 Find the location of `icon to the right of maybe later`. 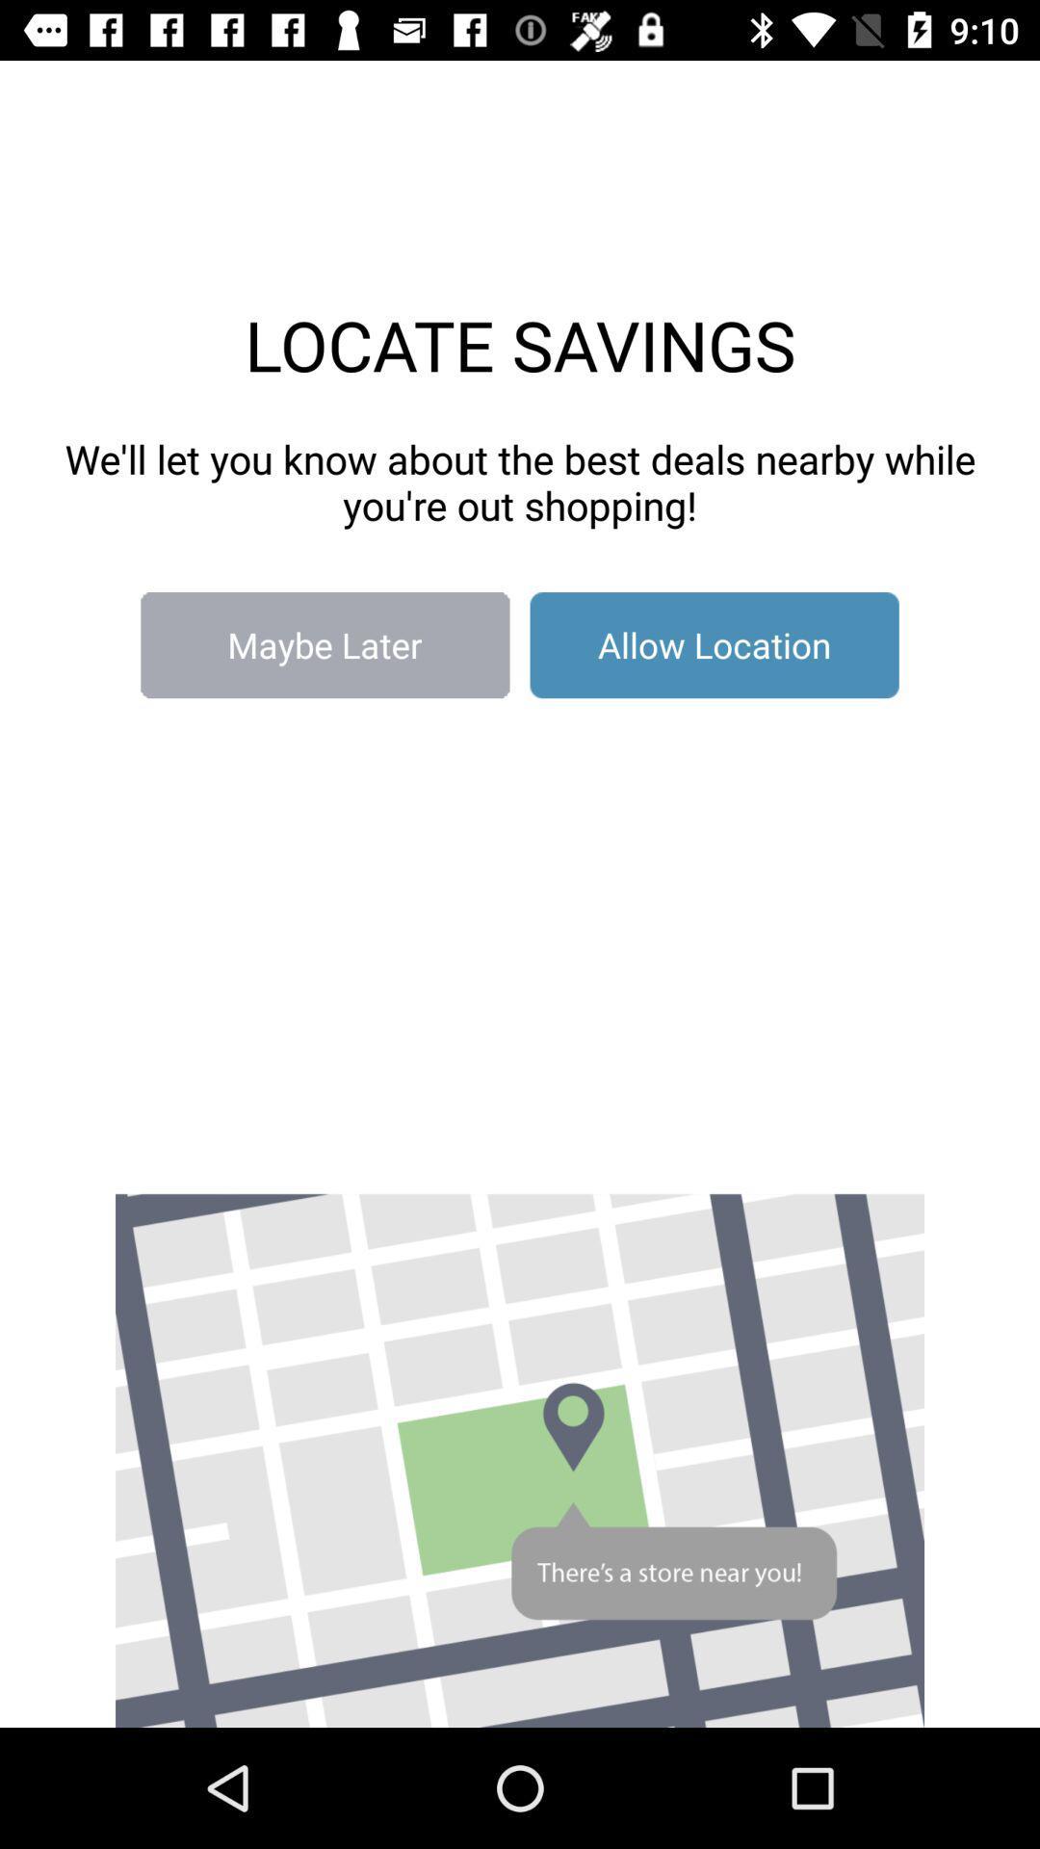

icon to the right of maybe later is located at coordinates (715, 645).